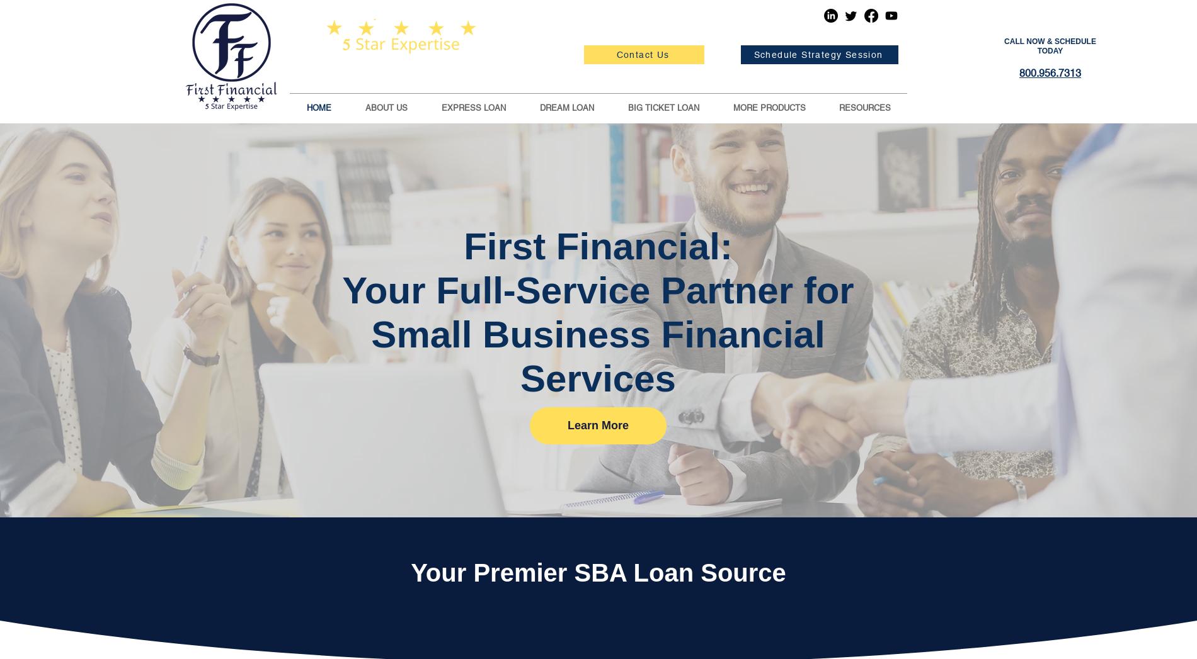 This screenshot has width=1197, height=659. I want to click on 'EXPRESS LOAN', so click(441, 108).